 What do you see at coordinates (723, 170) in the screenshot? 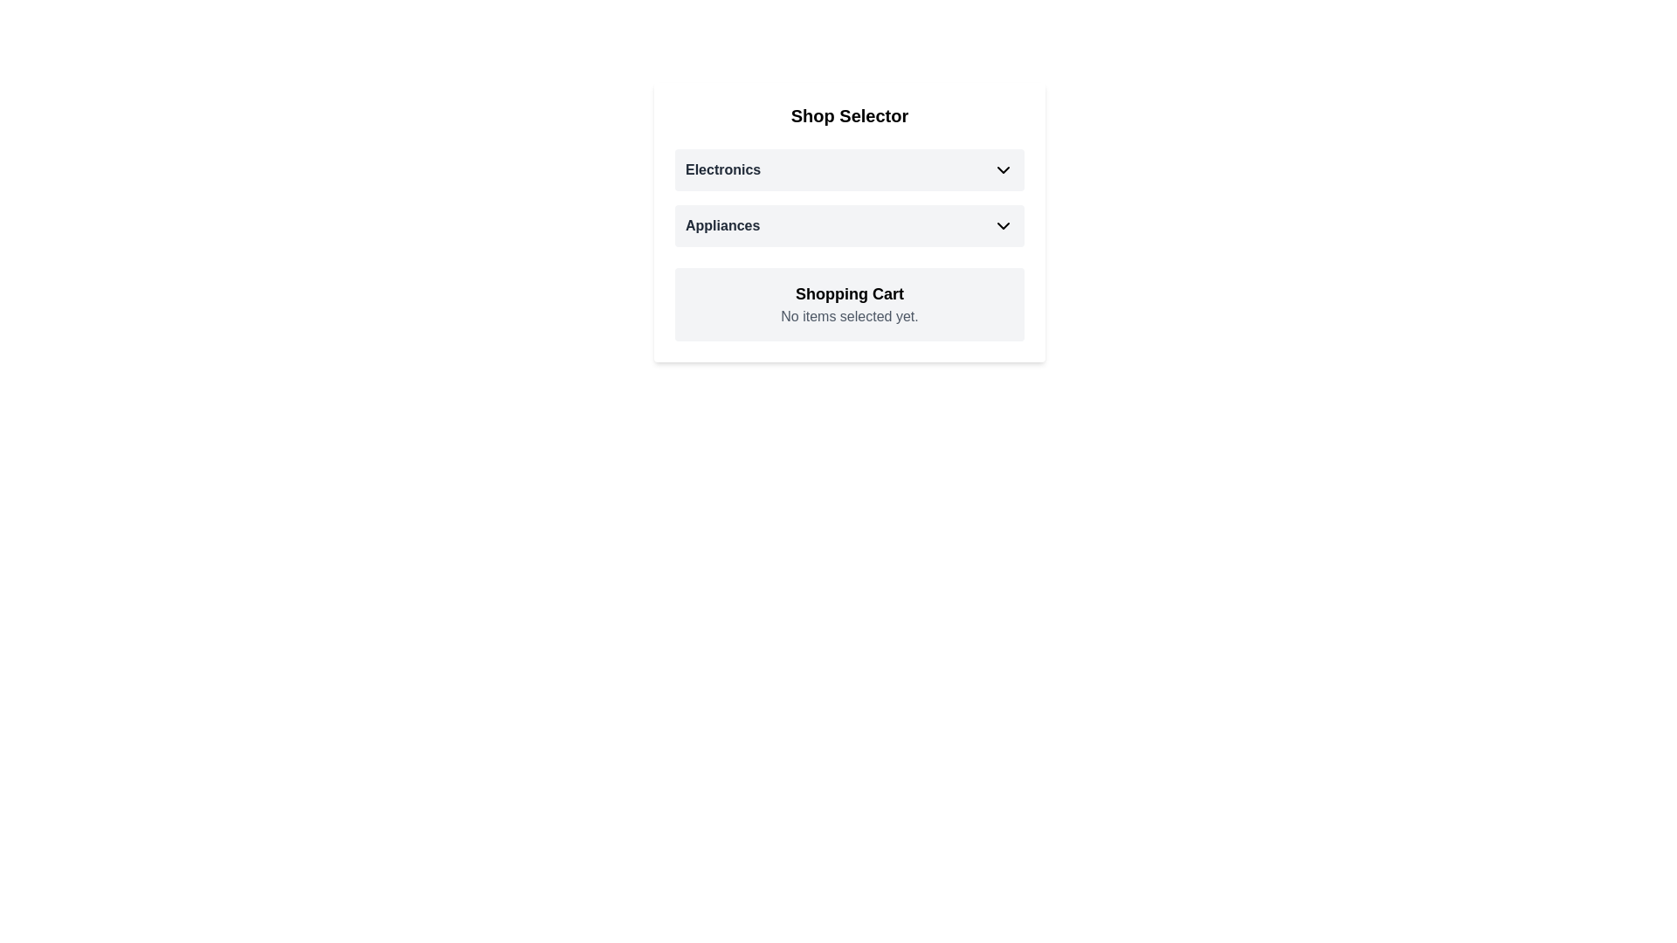
I see `the 'Electronics' category label located in the 'Shop Selector' panel, positioned in the first row of selectable items on the left side` at bounding box center [723, 170].